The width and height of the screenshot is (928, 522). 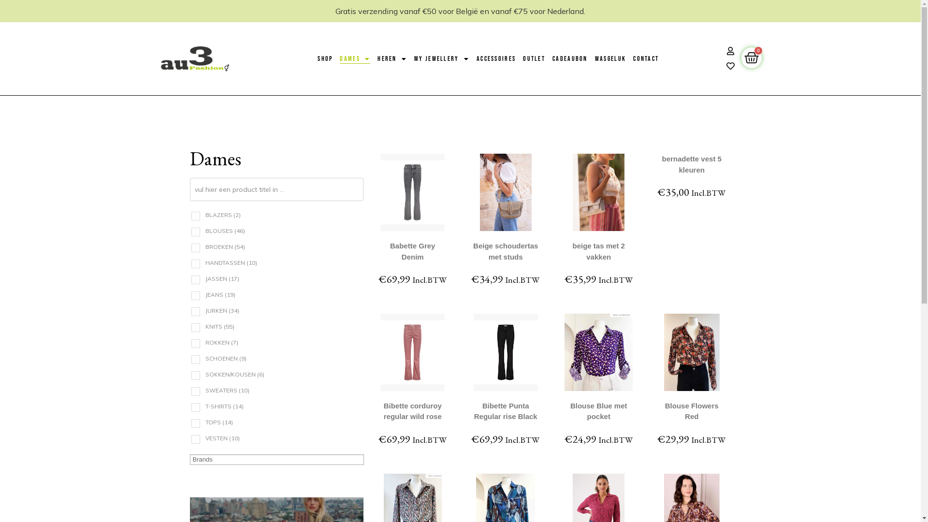 I want to click on 'Contact', so click(x=633, y=59).